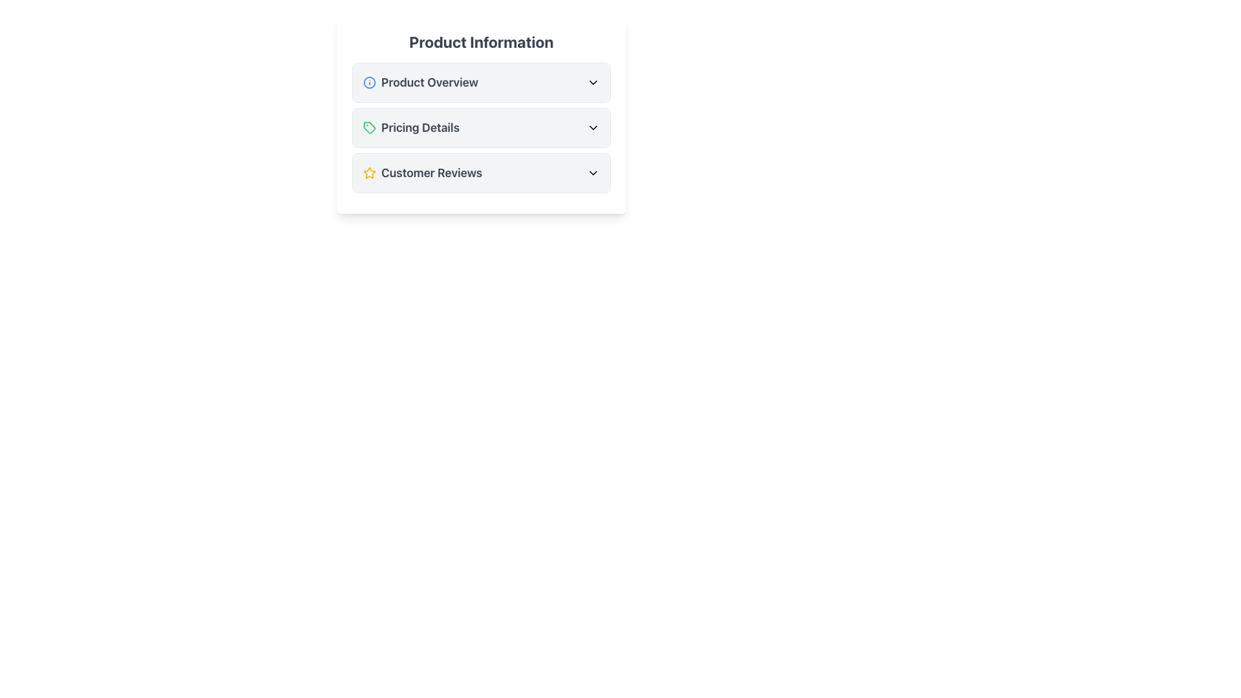 The image size is (1241, 698). I want to click on the yellow star icon with a hollow center next to 'Customer Reviews' in the collapsible section header, so click(368, 172).